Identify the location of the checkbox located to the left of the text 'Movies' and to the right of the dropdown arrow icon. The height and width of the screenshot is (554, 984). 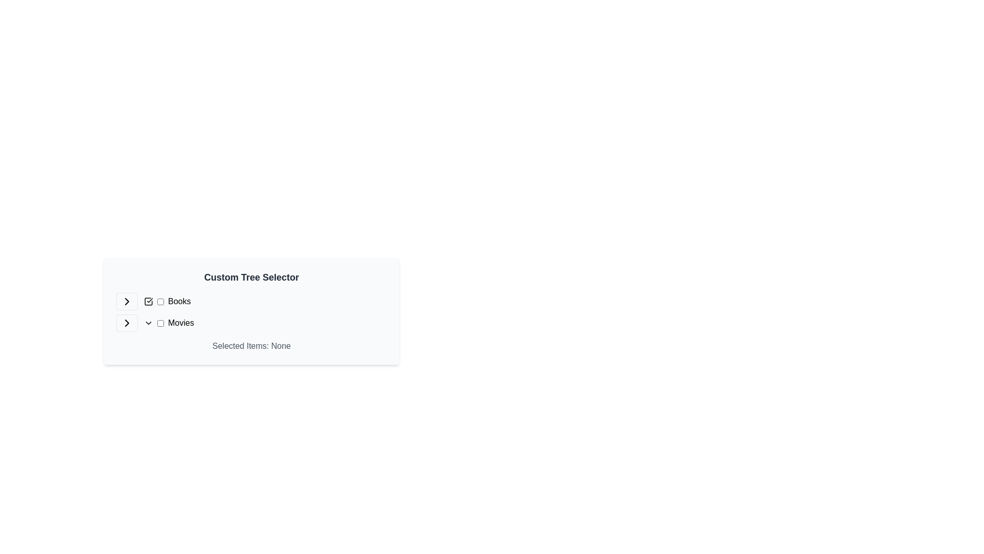
(160, 322).